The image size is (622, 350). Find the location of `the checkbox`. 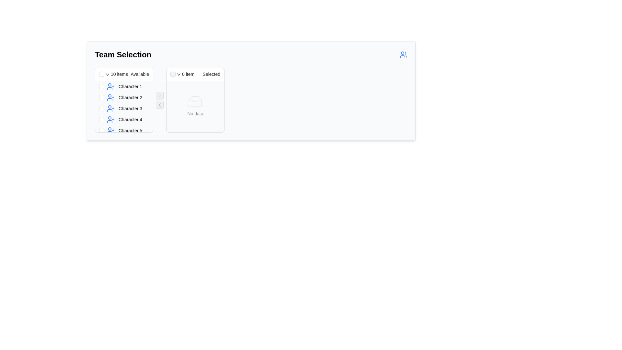

the checkbox is located at coordinates (124, 86).